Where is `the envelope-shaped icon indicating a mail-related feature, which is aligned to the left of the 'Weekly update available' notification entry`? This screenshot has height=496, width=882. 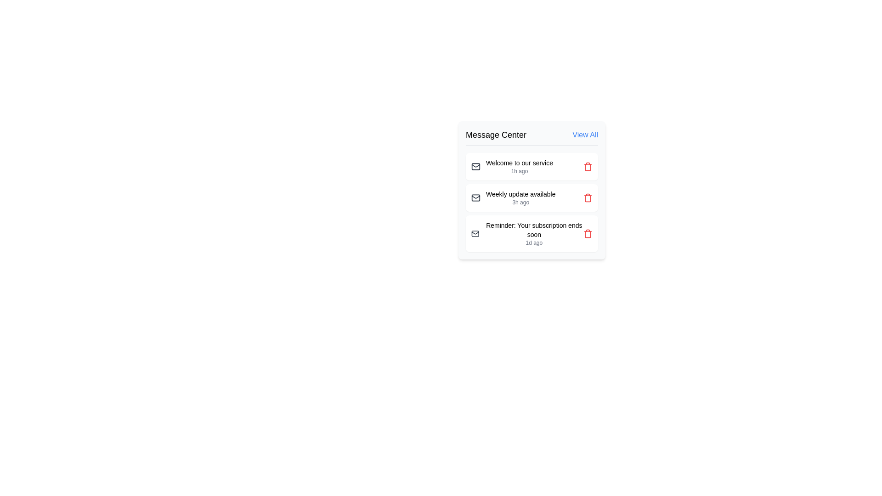
the envelope-shaped icon indicating a mail-related feature, which is aligned to the left of the 'Weekly update available' notification entry is located at coordinates (476, 197).